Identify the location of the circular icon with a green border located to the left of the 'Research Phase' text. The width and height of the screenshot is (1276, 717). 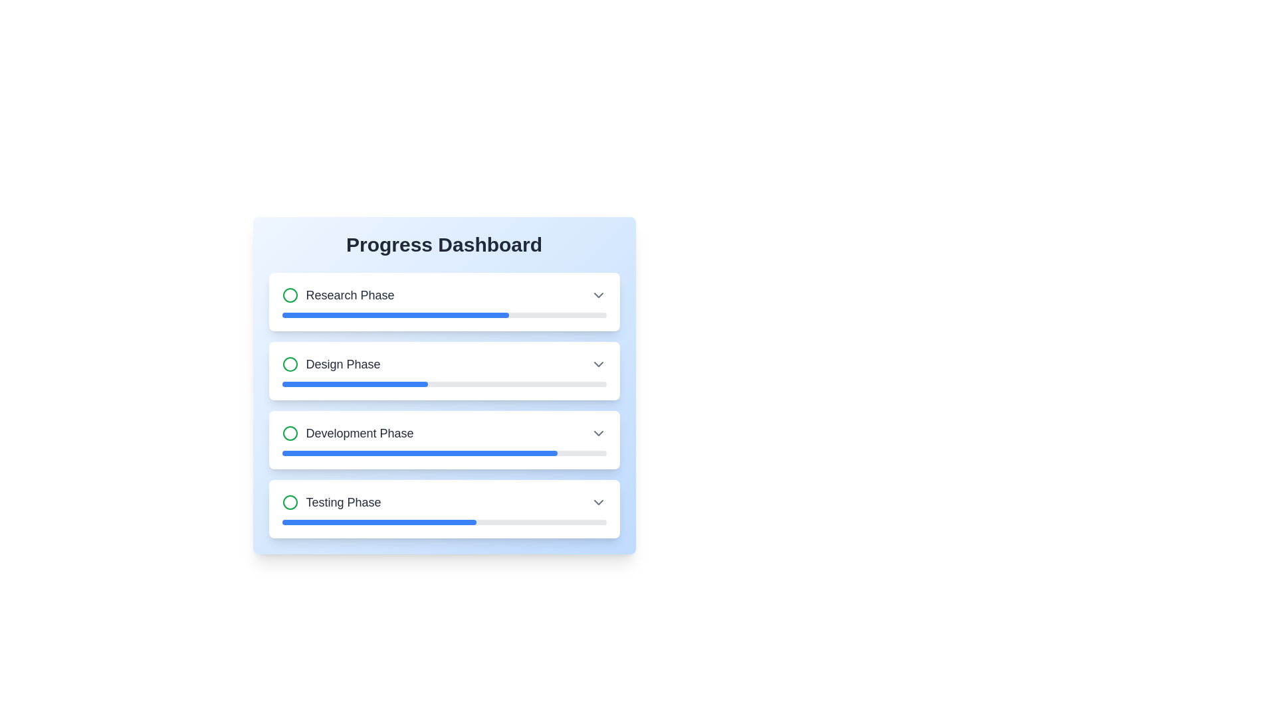
(289, 294).